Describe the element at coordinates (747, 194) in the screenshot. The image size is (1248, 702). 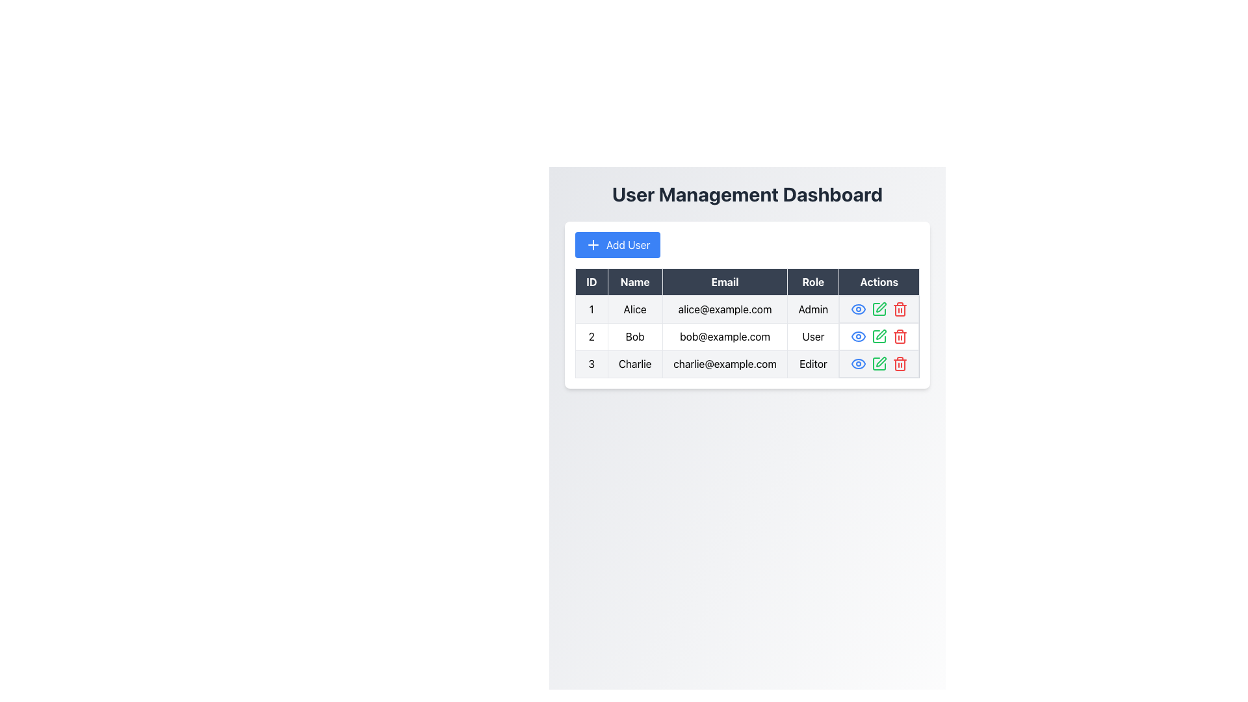
I see `the text header 'User Management Dashboard', which is styled with a bold, large, dark gray font and is located at the top of the interface, centered horizontally above the 'Add User' button and the table` at that location.